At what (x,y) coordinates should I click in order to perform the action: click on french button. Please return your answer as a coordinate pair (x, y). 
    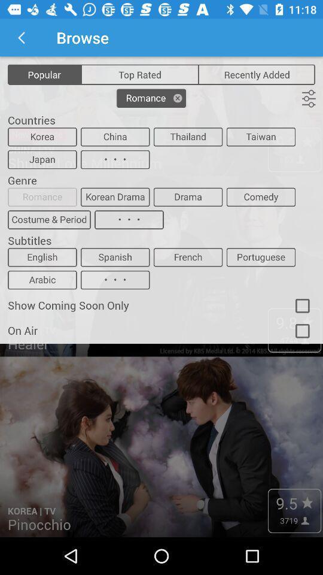
    Looking at the image, I should click on (188, 257).